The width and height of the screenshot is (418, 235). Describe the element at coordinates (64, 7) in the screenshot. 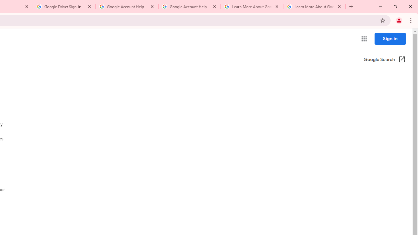

I see `'Google Drive: Sign-in'` at that location.